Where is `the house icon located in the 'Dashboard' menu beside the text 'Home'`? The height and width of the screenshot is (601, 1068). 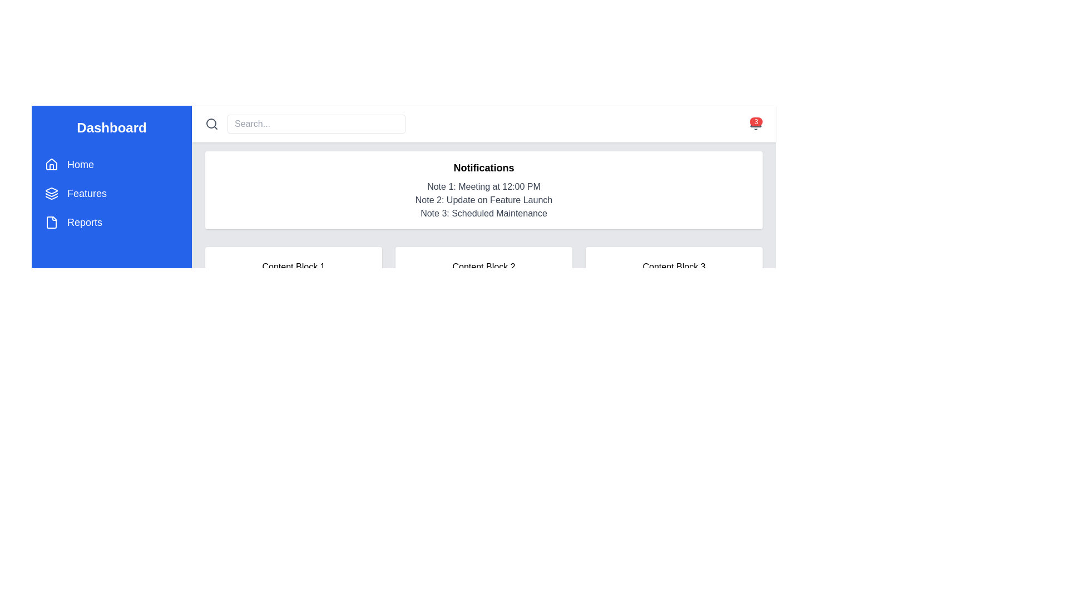 the house icon located in the 'Dashboard' menu beside the text 'Home' is located at coordinates (51, 165).